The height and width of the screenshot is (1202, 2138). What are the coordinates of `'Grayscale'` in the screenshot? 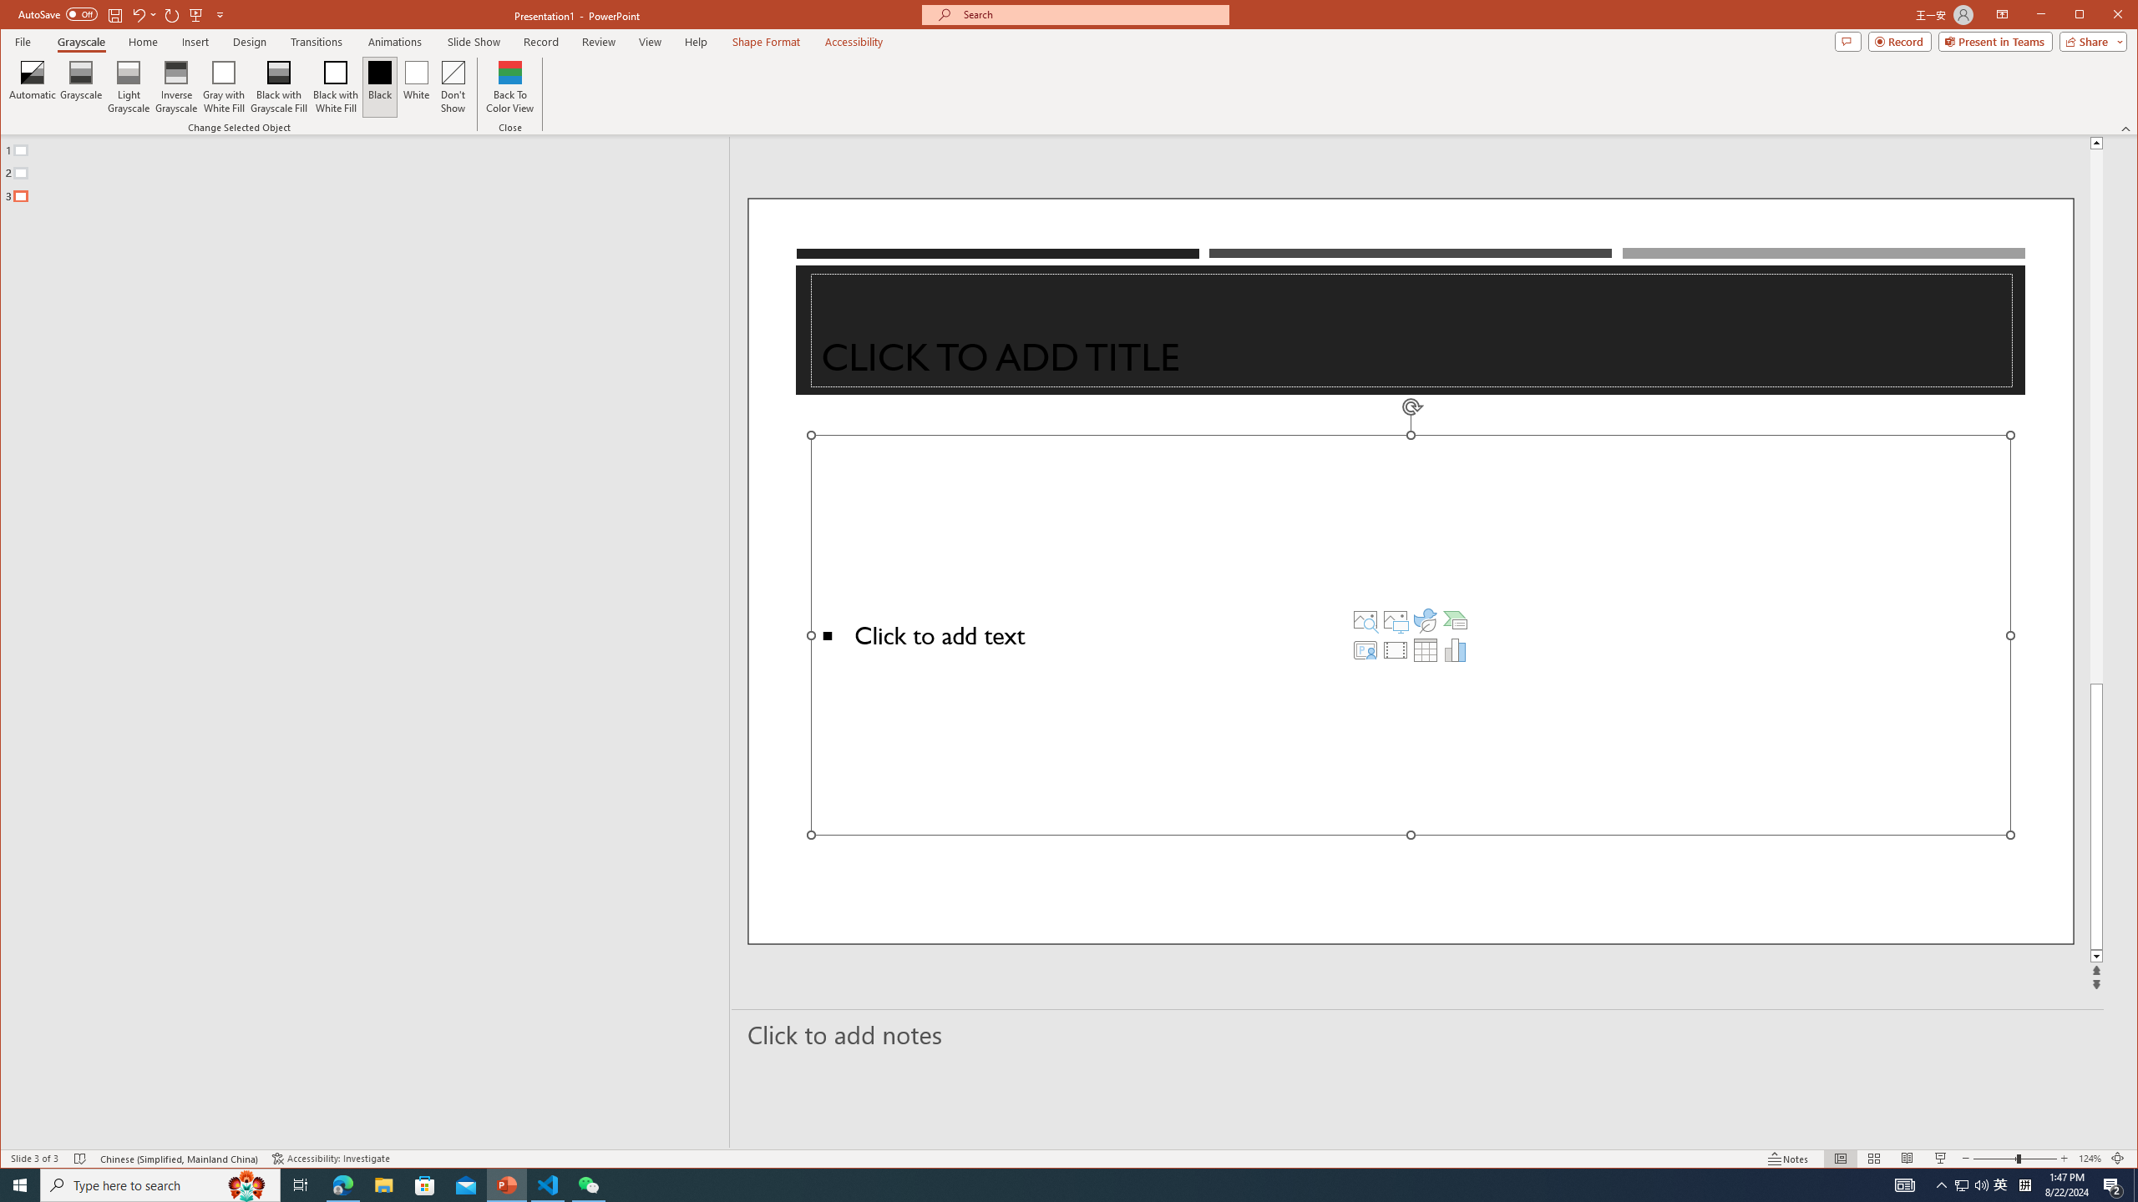 It's located at (81, 41).